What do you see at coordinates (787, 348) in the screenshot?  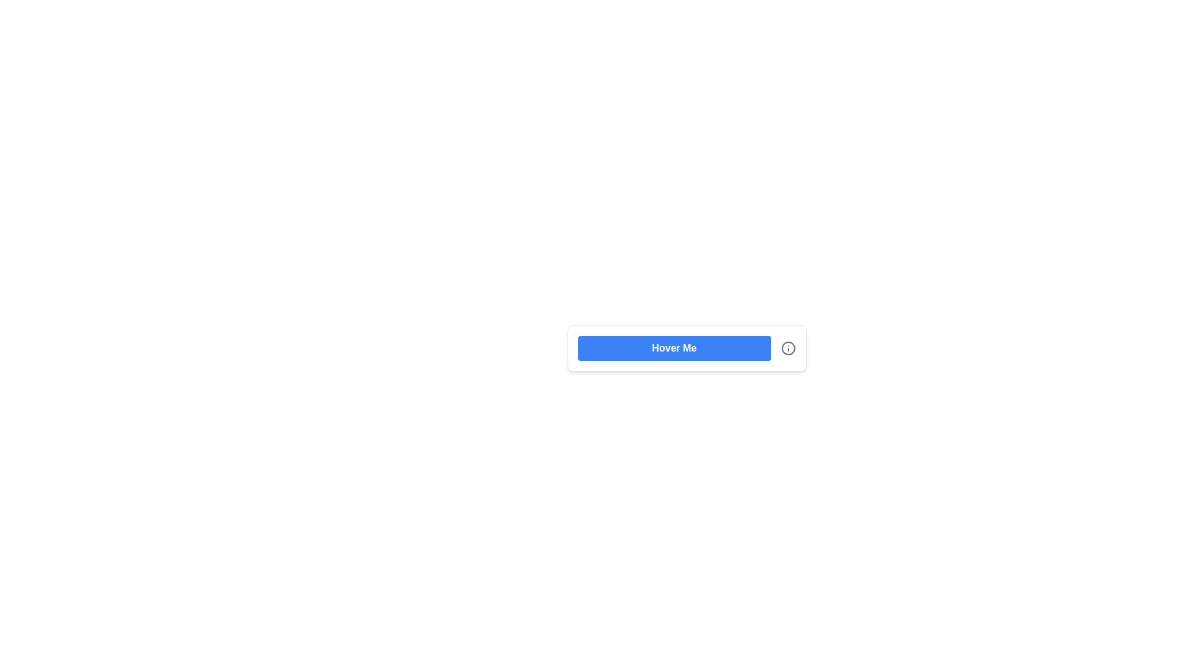 I see `the gray circular icon with a vertical line and a dot inside, located immediately to the right of the 'Hover Me' blue button` at bounding box center [787, 348].